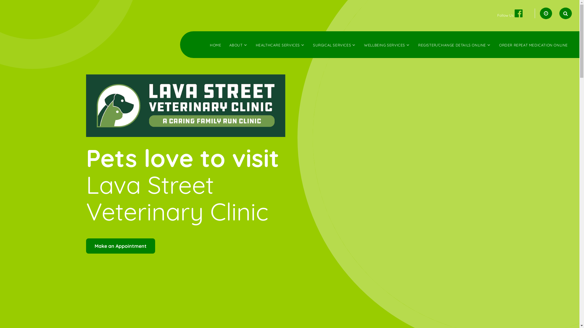 The image size is (584, 328). I want to click on 'ORDER REPEAT MEDICATION ONLINE', so click(533, 45).